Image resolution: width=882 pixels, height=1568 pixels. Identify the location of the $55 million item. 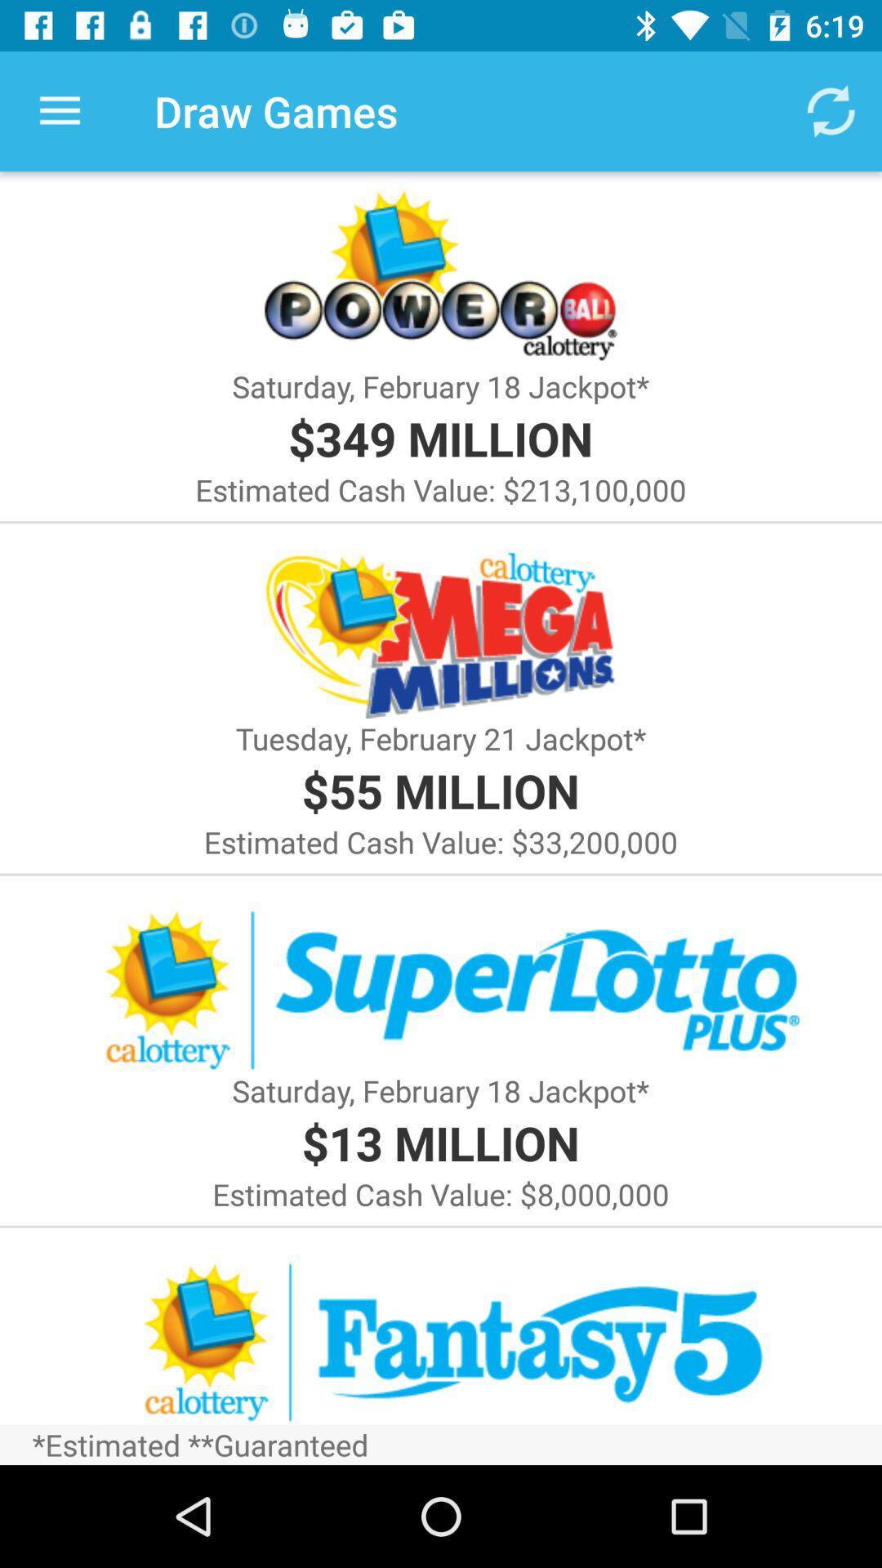
(439, 790).